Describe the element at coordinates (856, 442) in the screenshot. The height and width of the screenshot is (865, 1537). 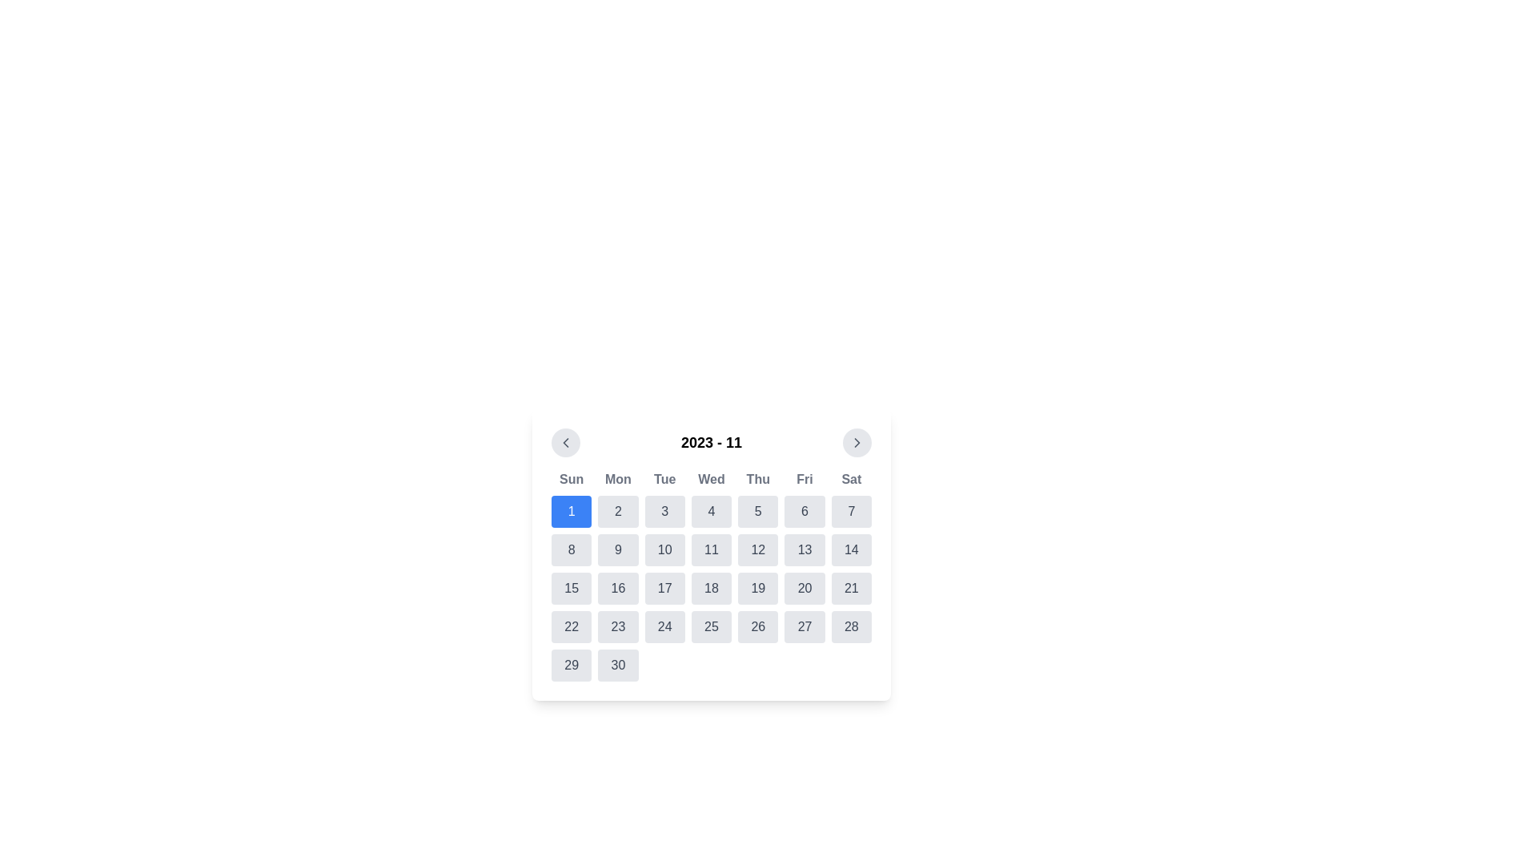
I see `the circular button with a light-gray background and a right-facing chevron icon, located in the calendar widget's header bar` at that location.